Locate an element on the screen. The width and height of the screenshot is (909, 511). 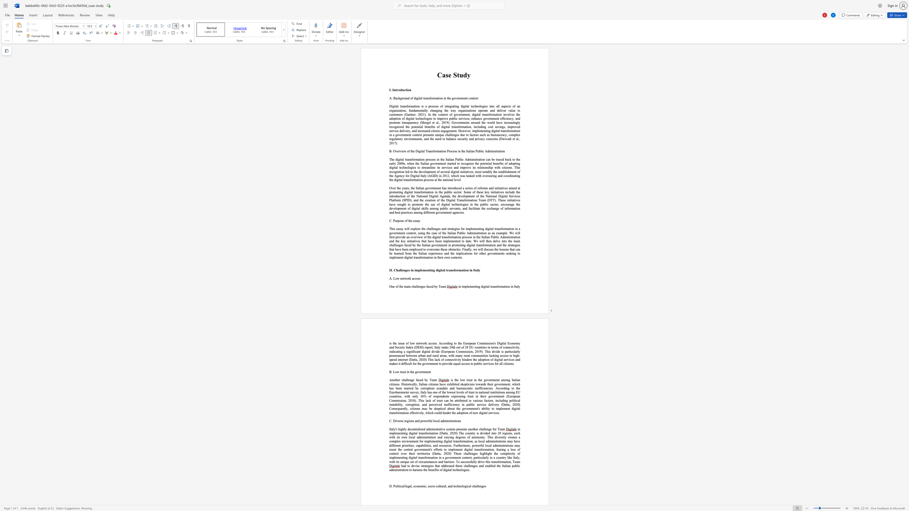
the 8th character "u" in the text is located at coordinates (394, 139).